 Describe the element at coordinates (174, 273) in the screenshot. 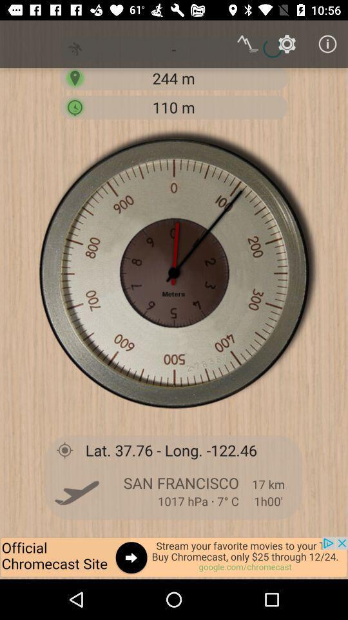

I see `the time frame image` at that location.